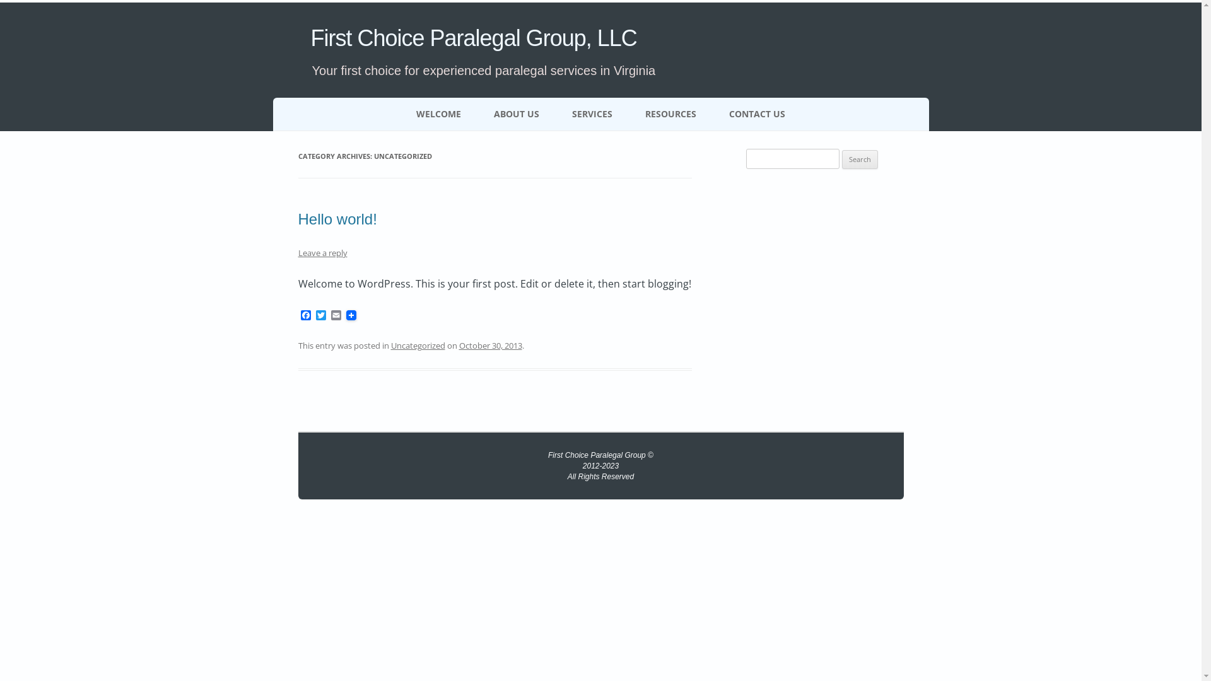 The width and height of the screenshot is (1211, 681). I want to click on 'SERVICES', so click(592, 114).